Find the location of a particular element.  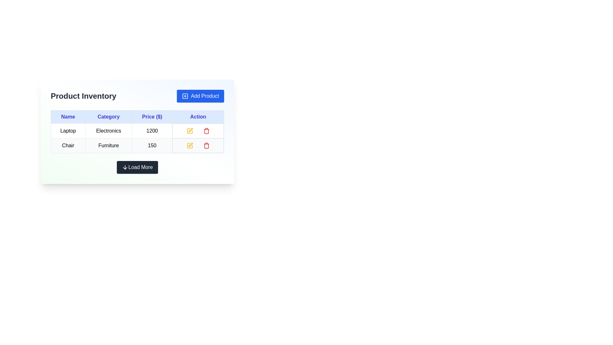

the 'Category' label in the header row of the table, which has a blue background and bold violet text, positioned between 'Name' and 'Price ($)' is located at coordinates (109, 117).